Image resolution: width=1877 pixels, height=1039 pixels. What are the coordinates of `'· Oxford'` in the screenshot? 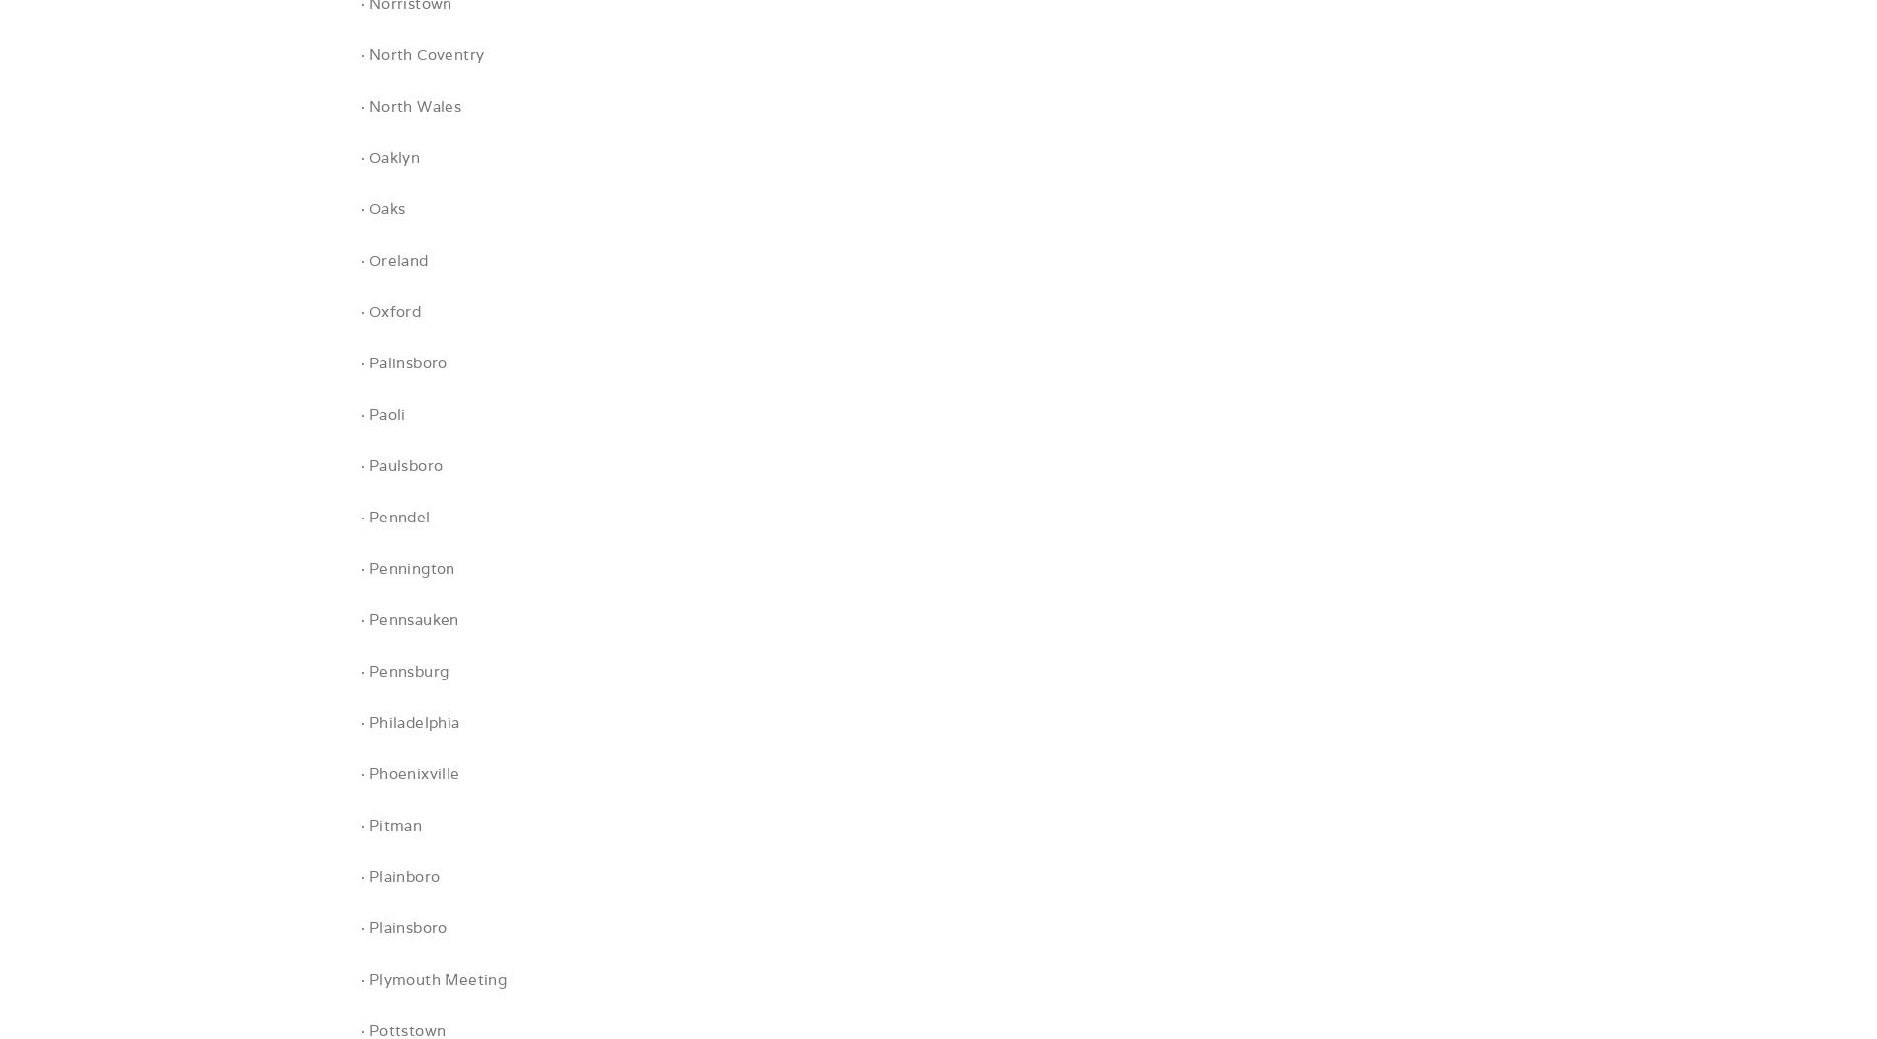 It's located at (389, 310).